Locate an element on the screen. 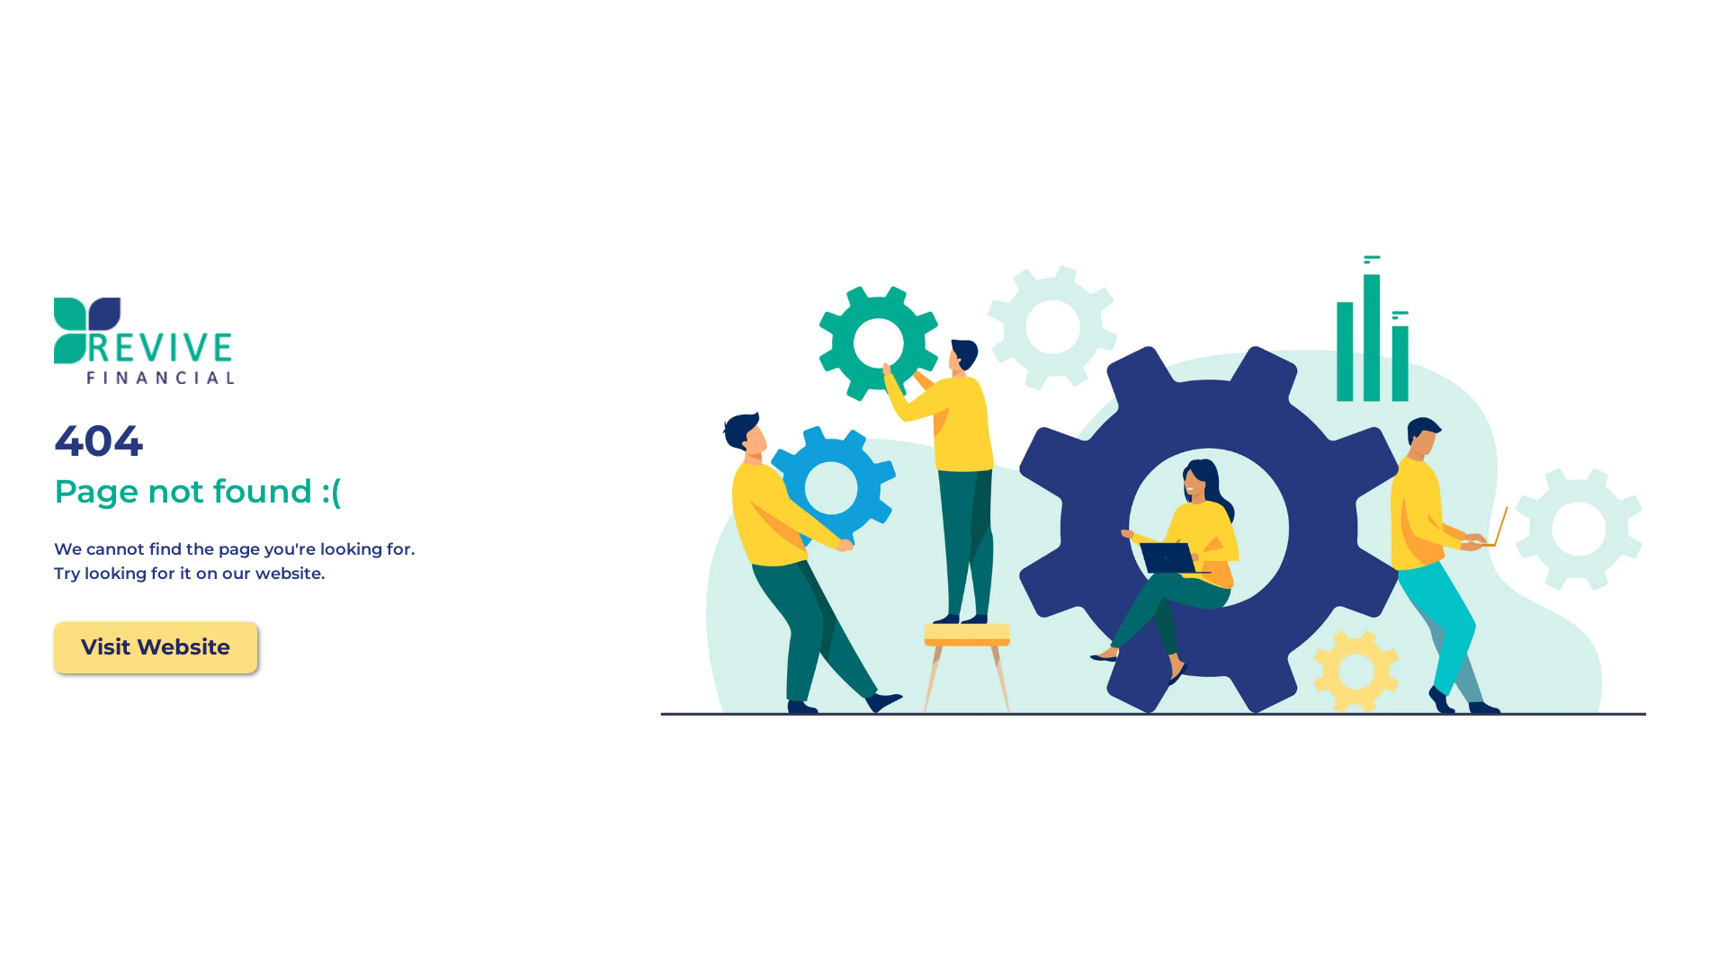 This screenshot has height=971, width=1727. 'Visit Website' is located at coordinates (155, 647).